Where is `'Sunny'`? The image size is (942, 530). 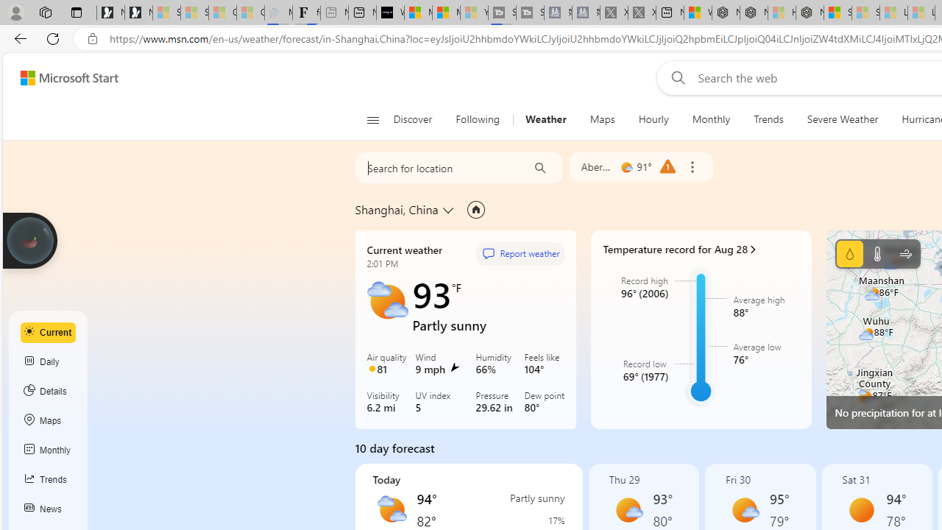 'Sunny' is located at coordinates (860, 509).